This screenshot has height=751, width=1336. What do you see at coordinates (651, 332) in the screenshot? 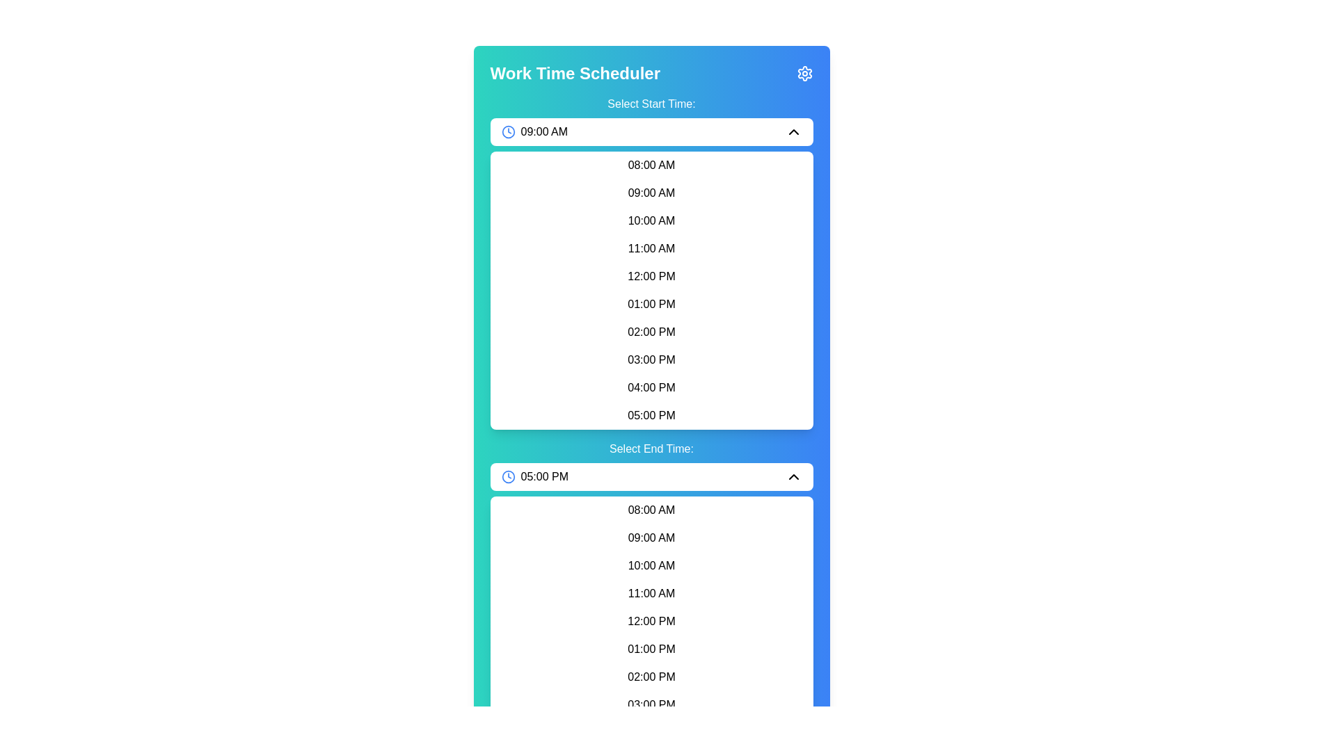
I see `the list item displaying the time slot option '02:00 PM', which is the seventh option under the 'Select Start Time' section` at bounding box center [651, 332].